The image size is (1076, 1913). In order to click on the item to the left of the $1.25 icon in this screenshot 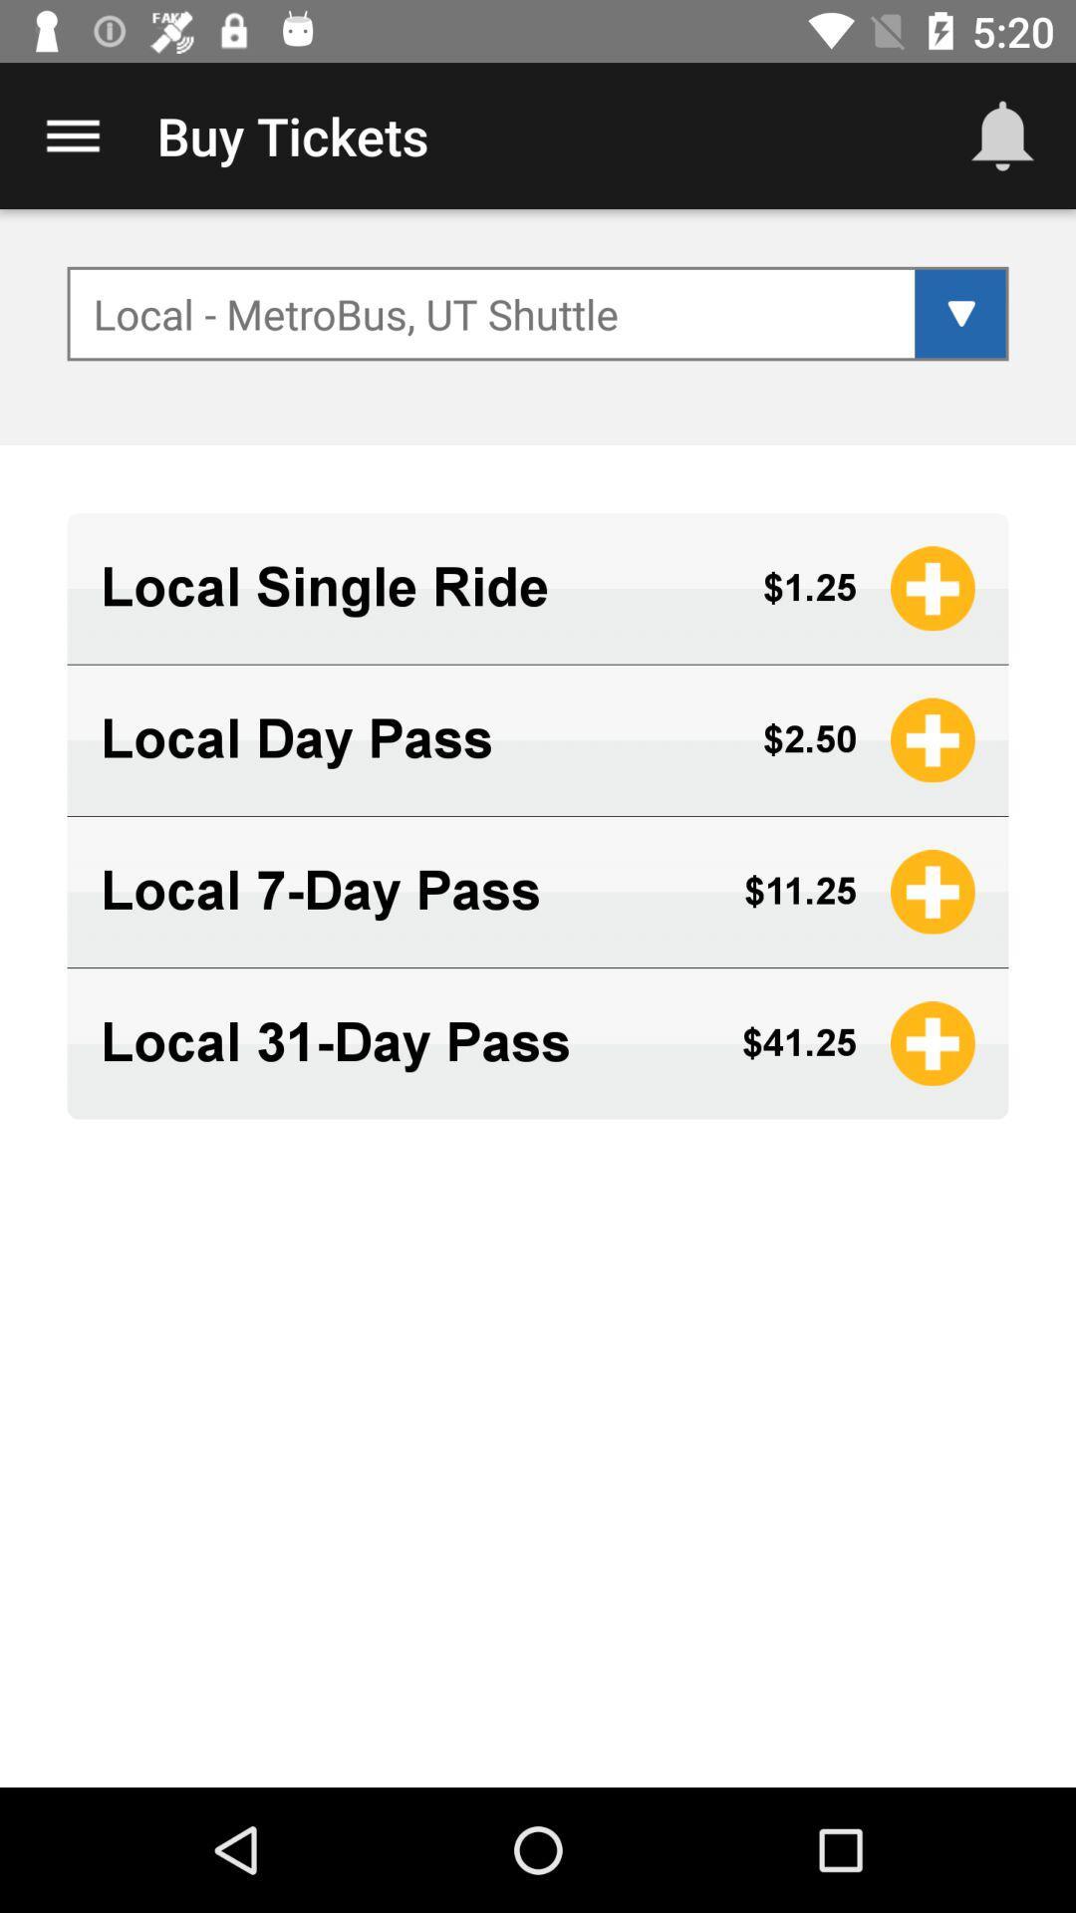, I will do `click(413, 587)`.